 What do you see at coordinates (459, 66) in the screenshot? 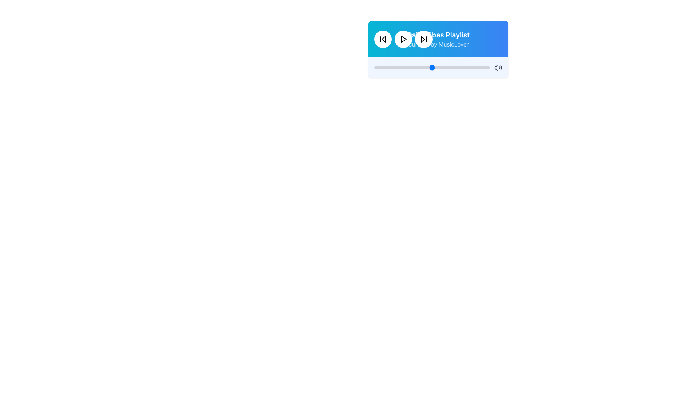
I see `the slider's value` at bounding box center [459, 66].